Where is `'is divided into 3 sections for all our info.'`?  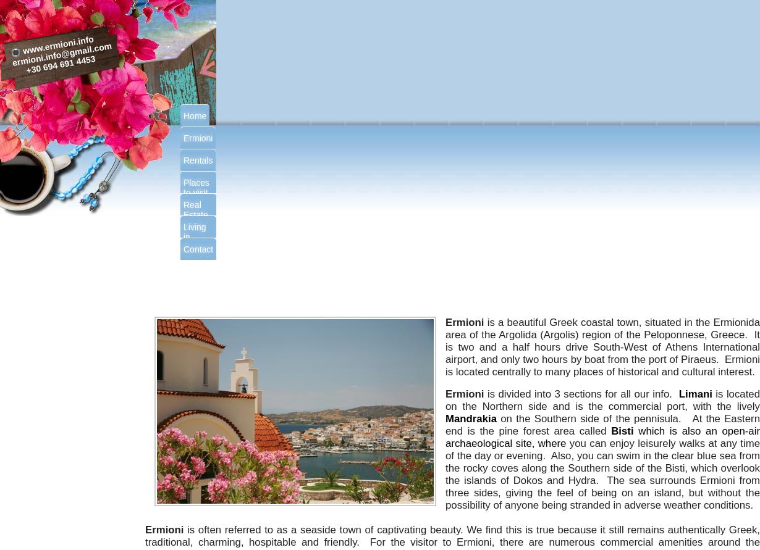
'is divided into 3 sections for all our info.' is located at coordinates (582, 393).